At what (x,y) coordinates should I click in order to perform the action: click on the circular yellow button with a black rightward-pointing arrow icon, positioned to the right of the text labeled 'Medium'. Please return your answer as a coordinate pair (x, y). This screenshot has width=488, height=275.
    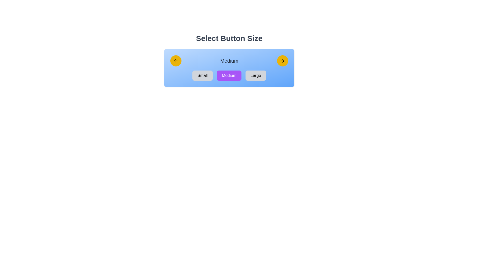
    Looking at the image, I should click on (282, 61).